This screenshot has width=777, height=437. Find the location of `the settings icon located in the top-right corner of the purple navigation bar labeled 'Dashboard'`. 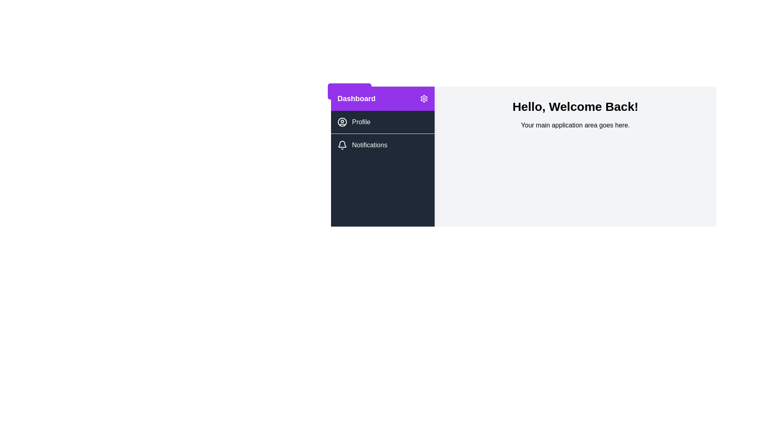

the settings icon located in the top-right corner of the purple navigation bar labeled 'Dashboard' is located at coordinates (423, 98).